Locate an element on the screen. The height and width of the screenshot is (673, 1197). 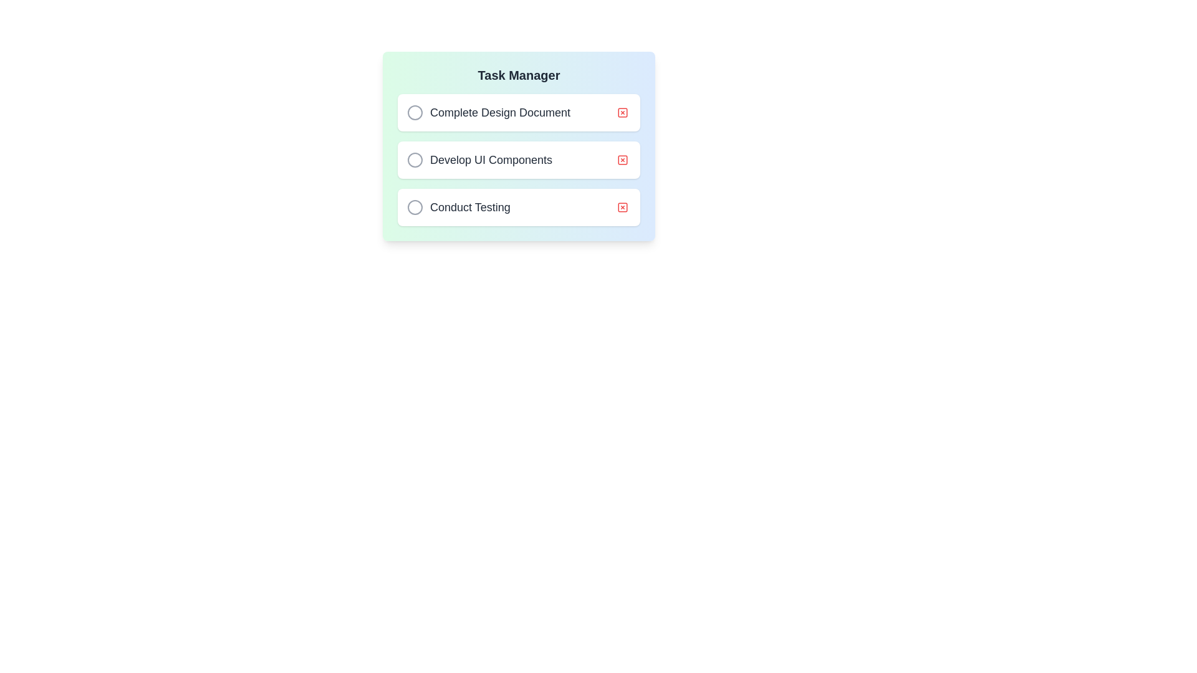
the first horizontal task list item containing the checkbox and the text 'Complete Design Document' is located at coordinates (488, 113).